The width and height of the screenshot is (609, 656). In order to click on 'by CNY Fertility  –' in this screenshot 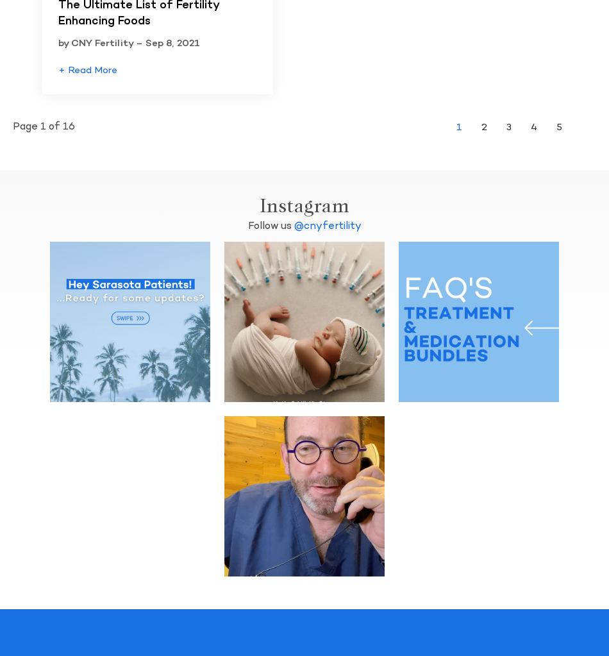, I will do `click(101, 43)`.